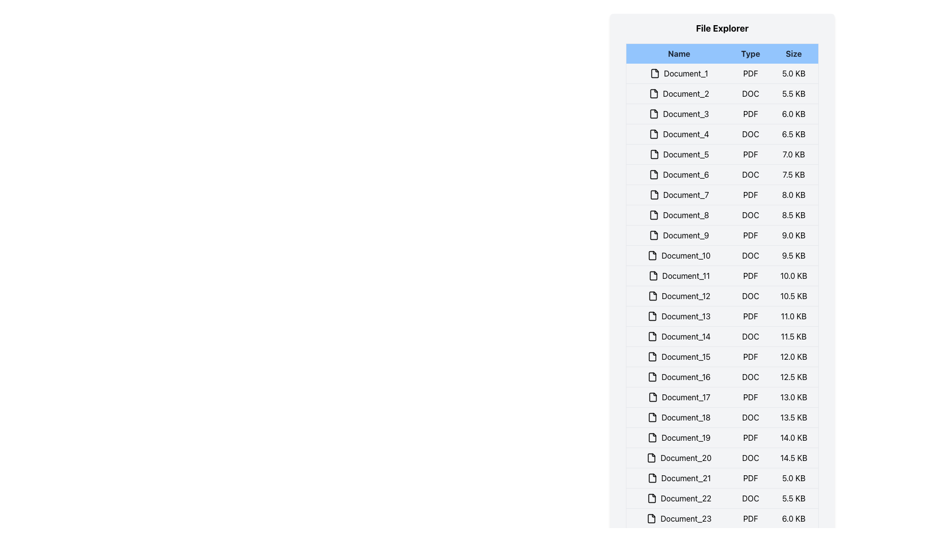 This screenshot has height=533, width=947. I want to click on the text label displaying '6.0 KB' in the 'Size' column of the file explorer grid for the file 'Document_23', so click(794, 518).